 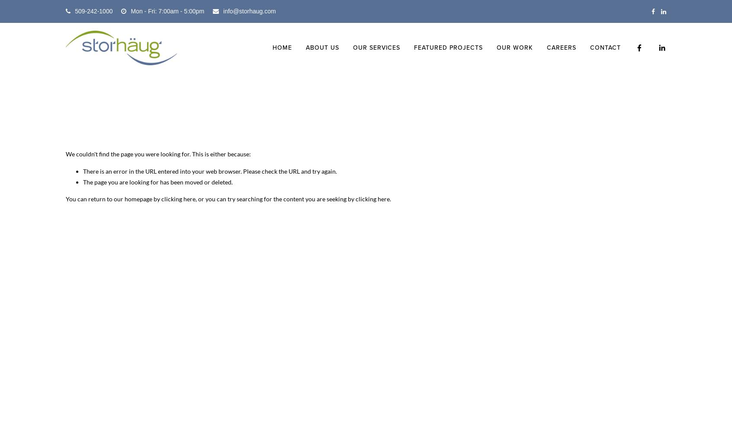 What do you see at coordinates (167, 11) in the screenshot?
I see `'Mon - Fri: 7:00am - 5:00pm'` at bounding box center [167, 11].